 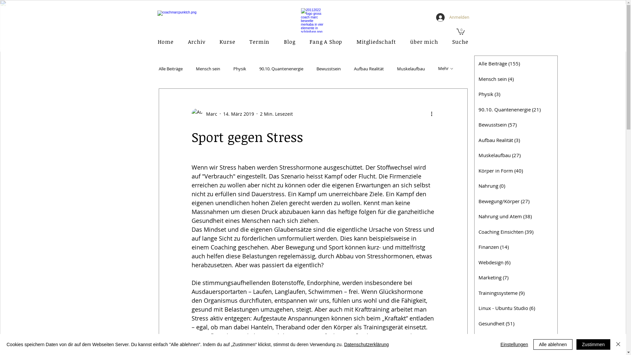 I want to click on 'Home', so click(x=151, y=42).